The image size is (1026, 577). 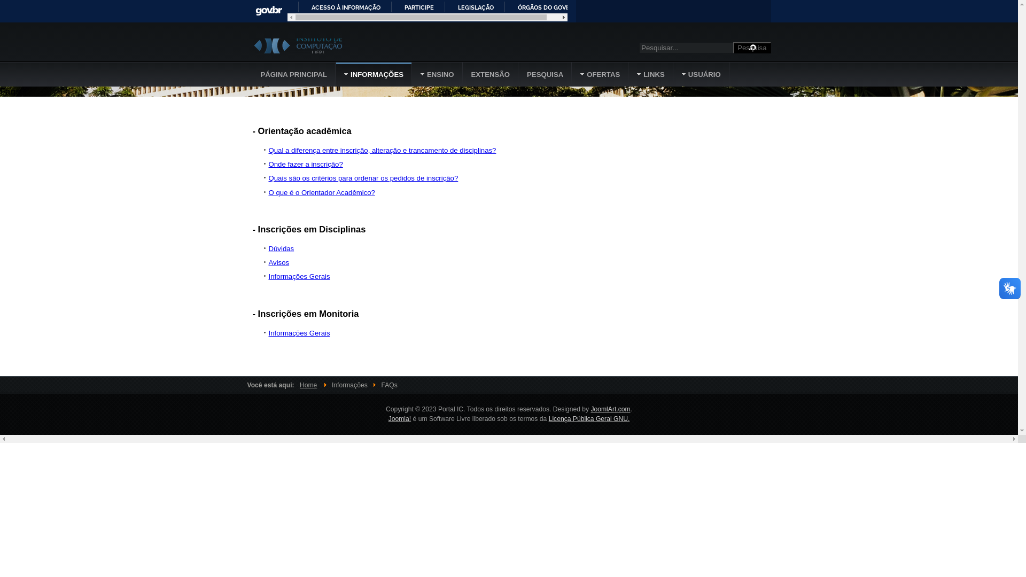 What do you see at coordinates (438, 74) in the screenshot?
I see `'ENSINO'` at bounding box center [438, 74].